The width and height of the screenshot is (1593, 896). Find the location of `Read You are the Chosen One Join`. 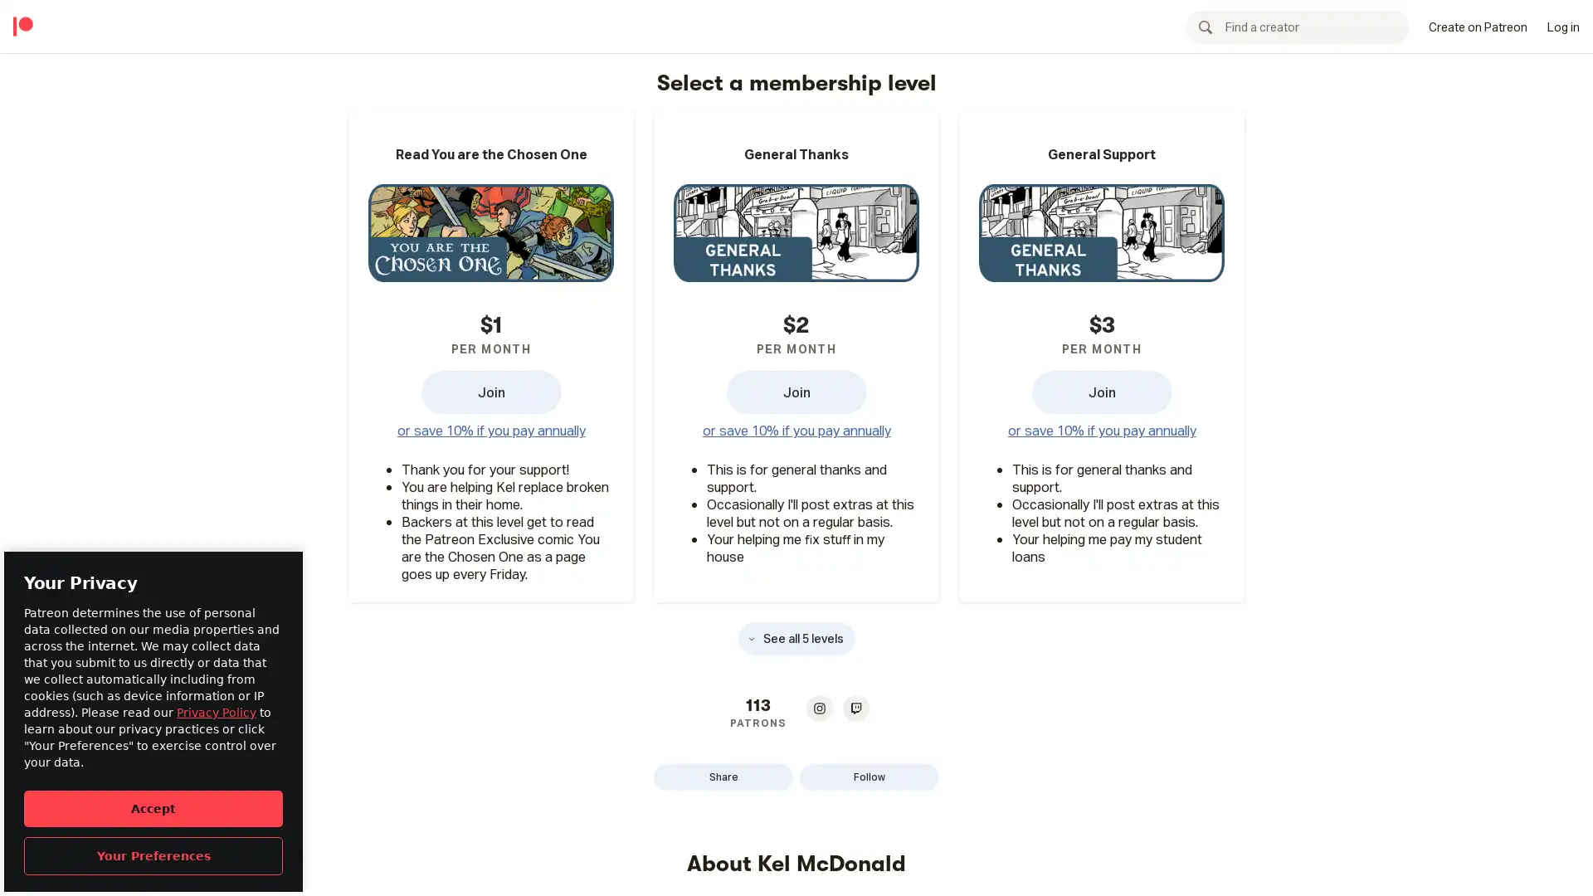

Read You are the Chosen One Join is located at coordinates (490, 391).